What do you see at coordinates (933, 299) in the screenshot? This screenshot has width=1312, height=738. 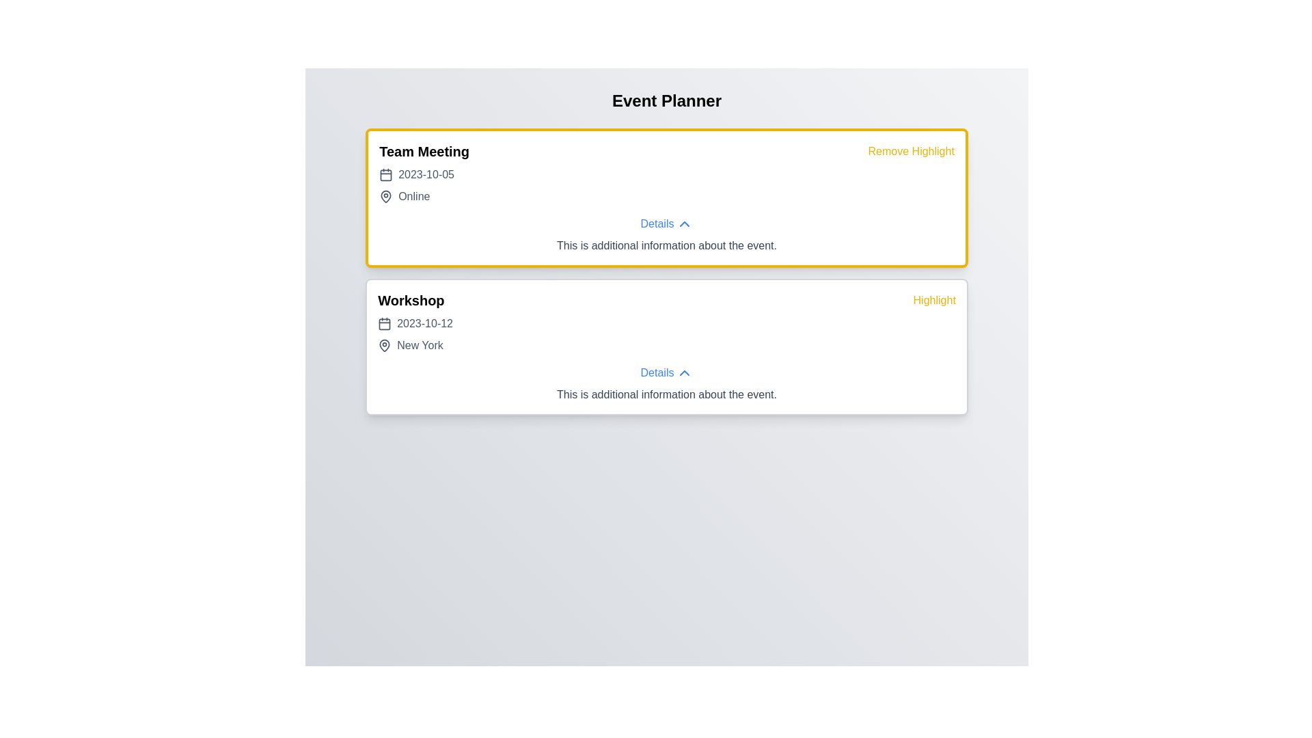 I see `the interactive text link labeled 'Highlight'` at bounding box center [933, 299].